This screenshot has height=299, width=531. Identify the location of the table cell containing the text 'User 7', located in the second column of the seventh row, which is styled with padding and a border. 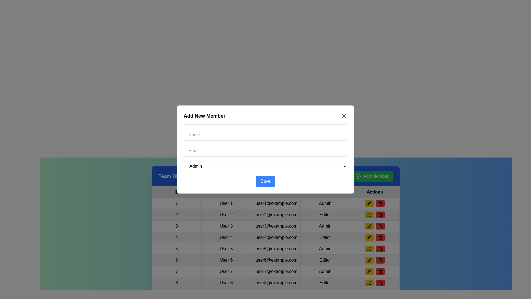
(226, 271).